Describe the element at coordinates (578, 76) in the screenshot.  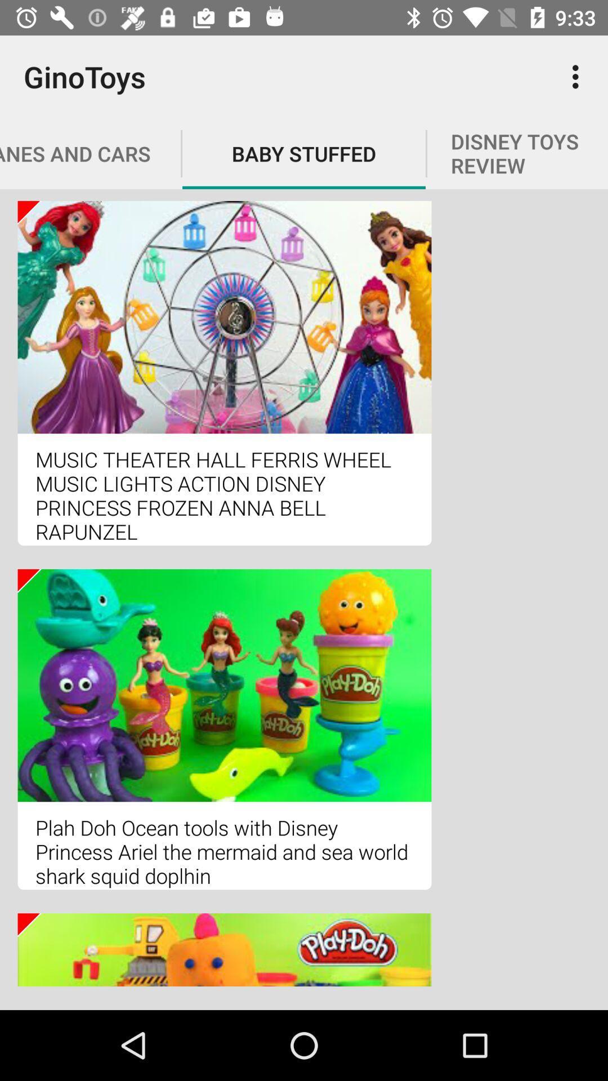
I see `the icon next to baby stuffed icon` at that location.